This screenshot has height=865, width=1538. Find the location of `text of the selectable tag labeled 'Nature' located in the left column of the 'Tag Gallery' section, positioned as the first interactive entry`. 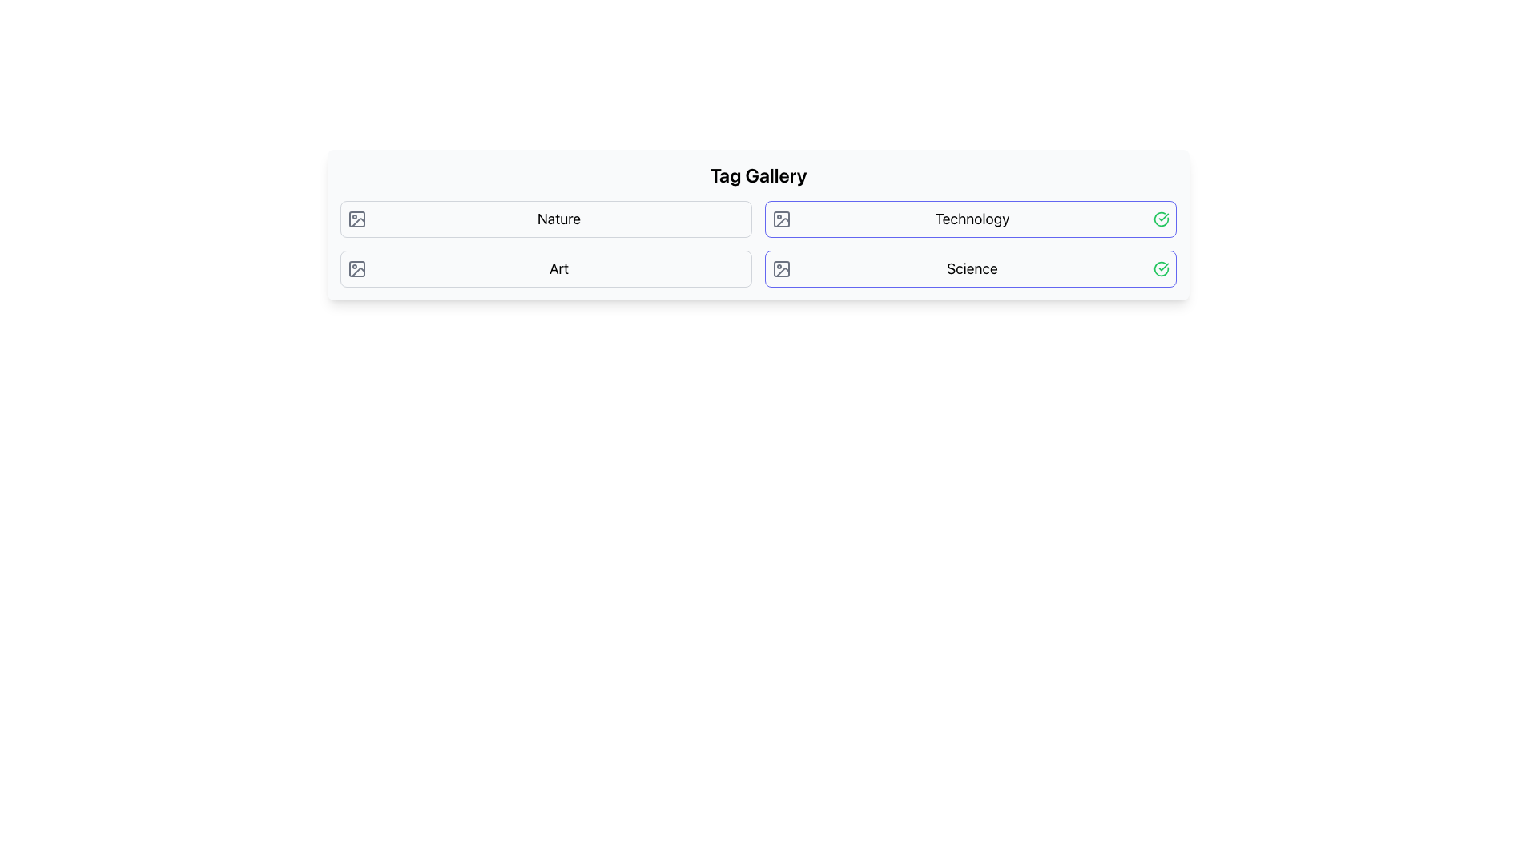

text of the selectable tag labeled 'Nature' located in the left column of the 'Tag Gallery' section, positioned as the first interactive entry is located at coordinates (558, 219).